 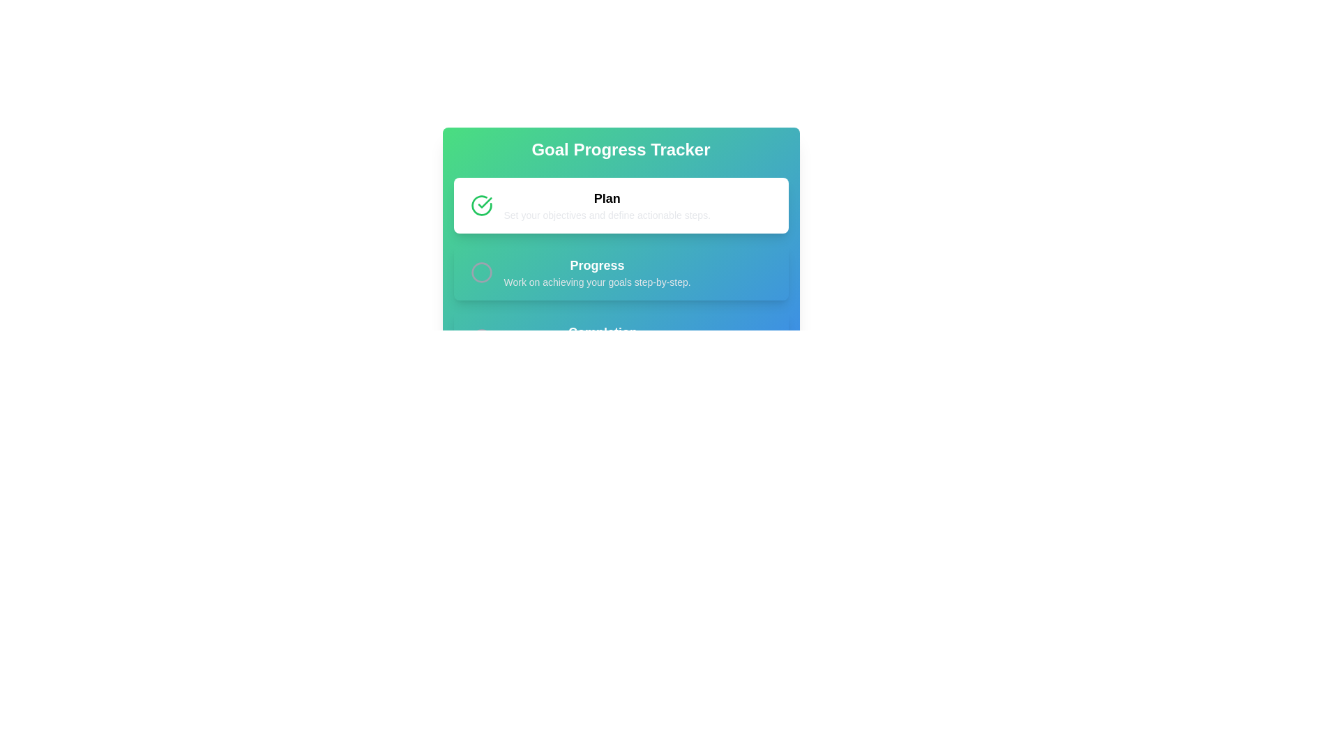 I want to click on the circular SVG graphic used as a status indicator in the 'Progress' section, located below the 'Plan' section, so click(x=481, y=272).